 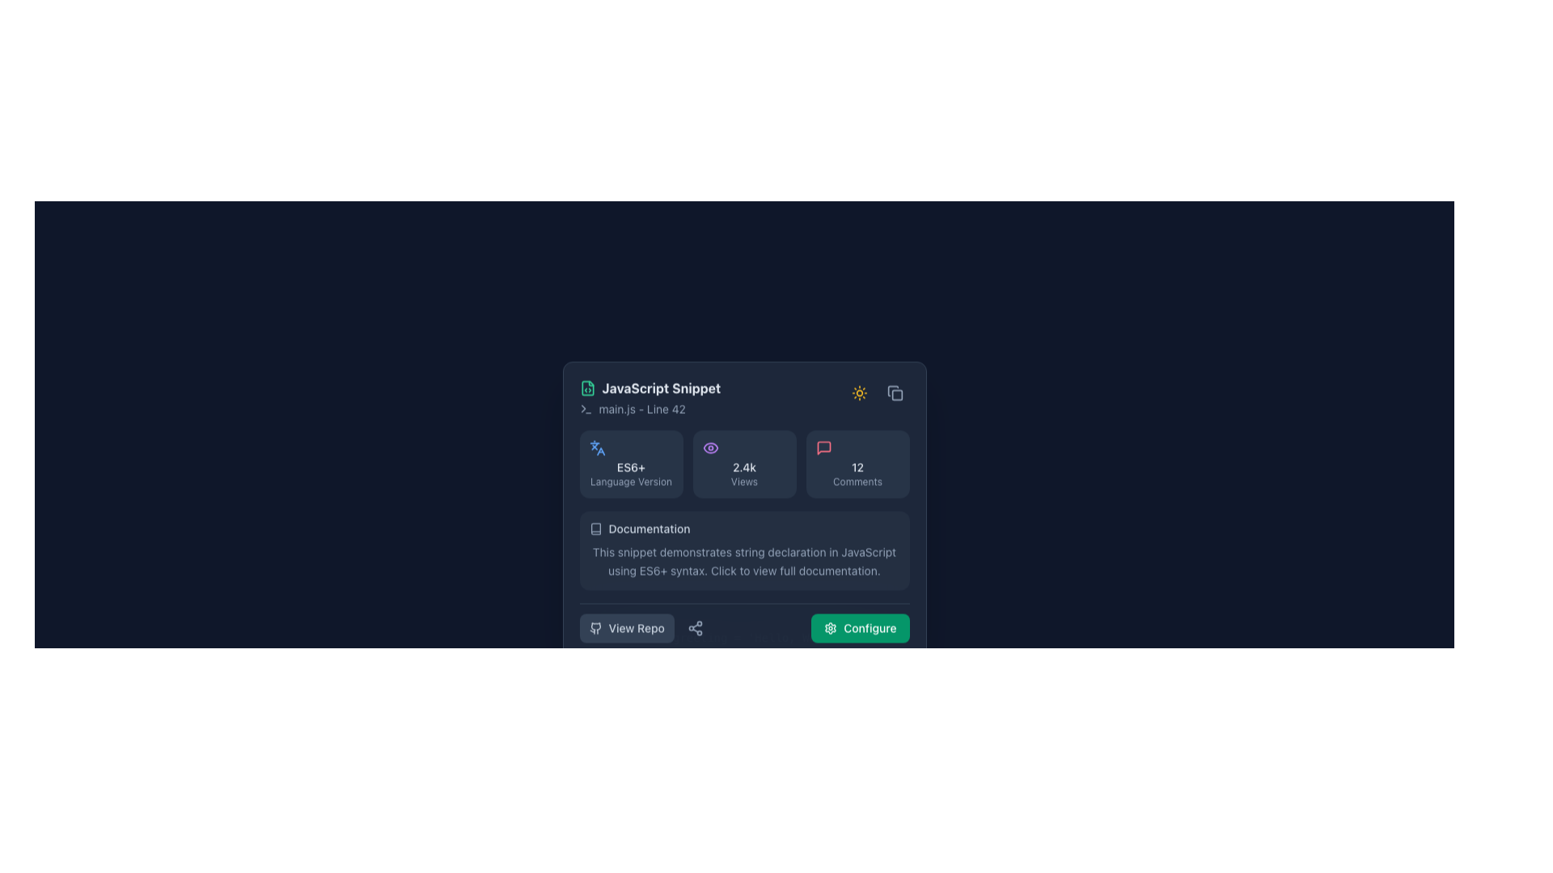 What do you see at coordinates (743, 464) in the screenshot?
I see `individual contents of the grid containing three informational cards that display key statistics such as language version, views, and comments for a JavaScript snippet` at bounding box center [743, 464].